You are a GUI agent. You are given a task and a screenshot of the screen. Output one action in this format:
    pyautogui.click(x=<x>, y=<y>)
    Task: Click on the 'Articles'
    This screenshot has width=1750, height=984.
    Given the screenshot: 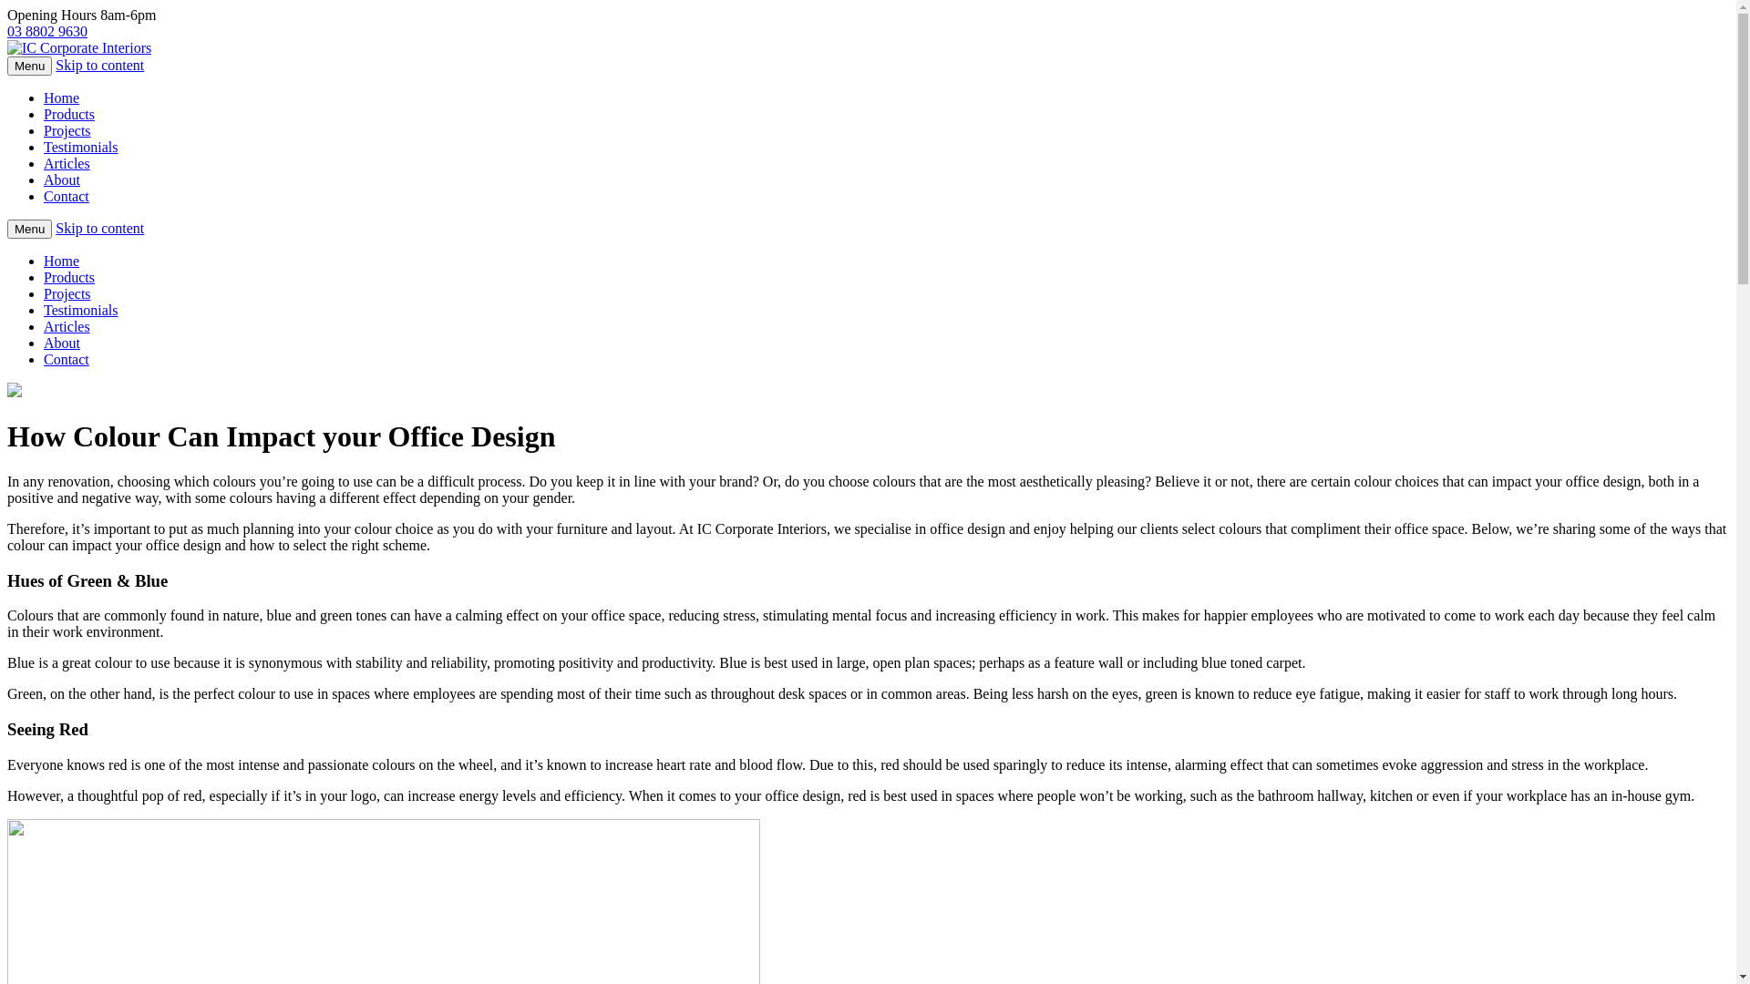 What is the action you would take?
    pyautogui.click(x=67, y=162)
    